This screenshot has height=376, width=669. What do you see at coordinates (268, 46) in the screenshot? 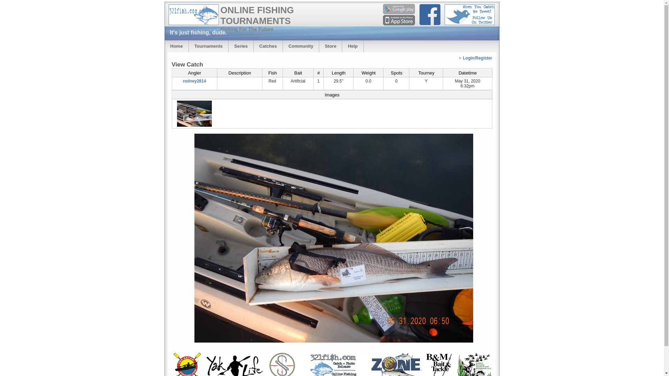
I see `'Catches'` at bounding box center [268, 46].